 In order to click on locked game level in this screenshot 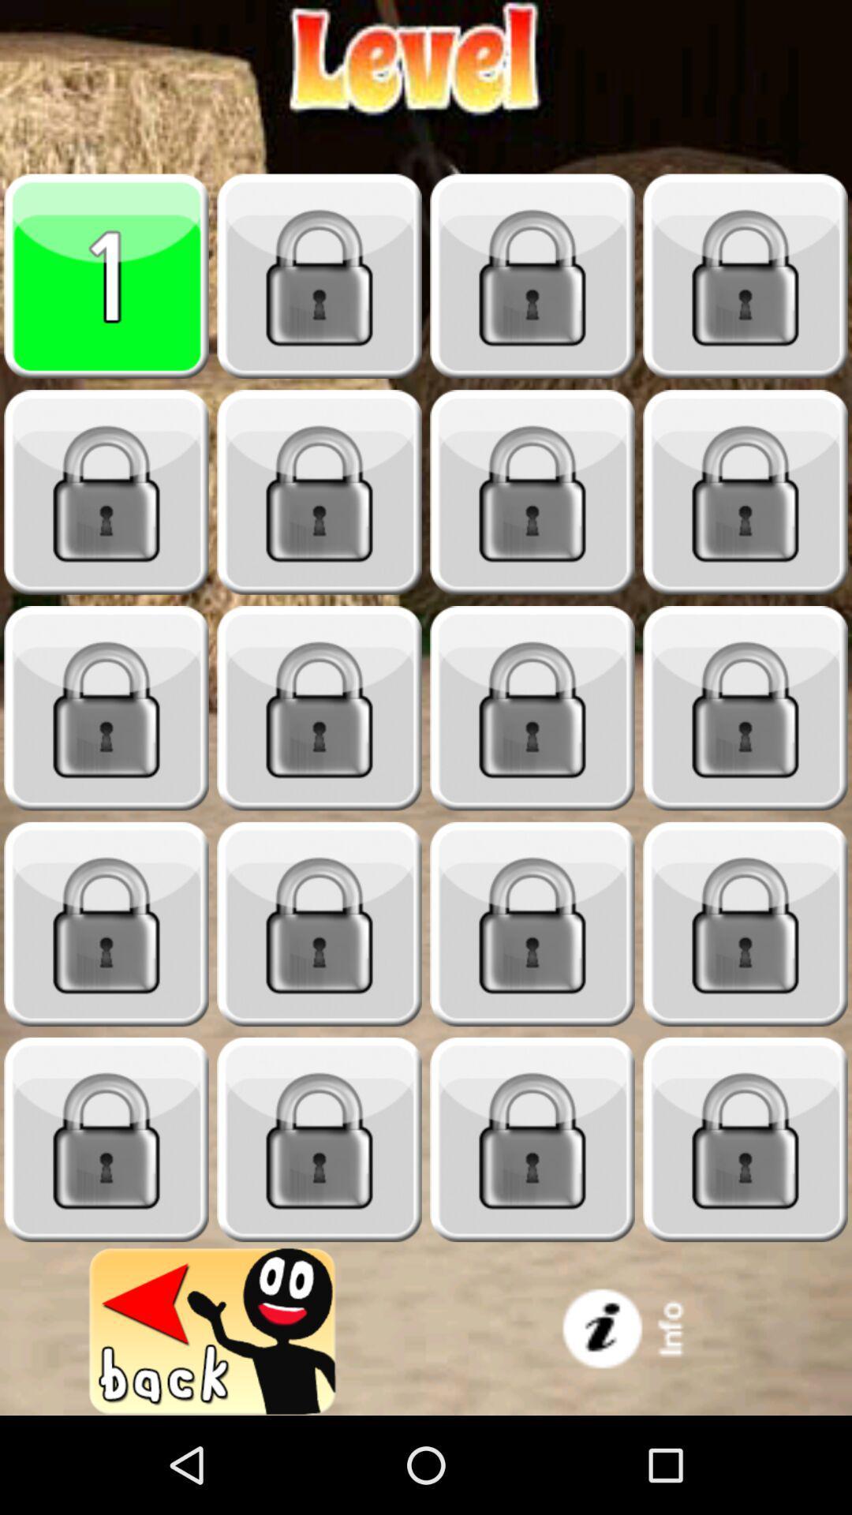, I will do `click(106, 1139)`.